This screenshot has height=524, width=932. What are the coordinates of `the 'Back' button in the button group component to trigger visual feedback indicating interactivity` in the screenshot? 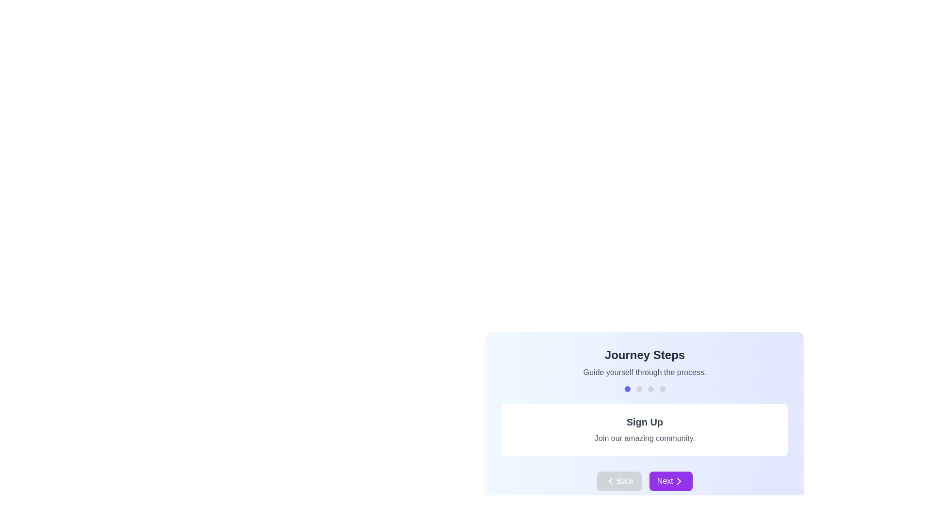 It's located at (645, 481).